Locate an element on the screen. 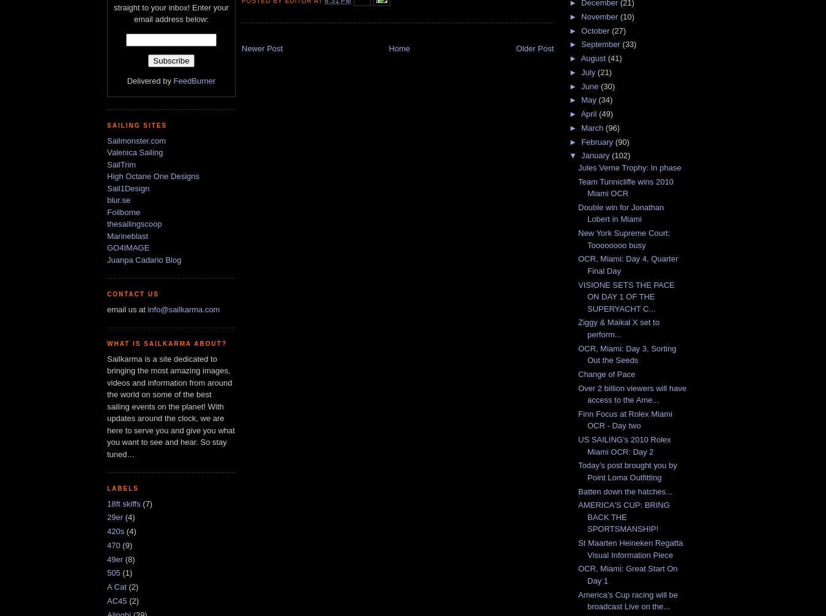 Image resolution: width=826 pixels, height=616 pixels. 'Today’s post brought you by Point Loma Outfitting' is located at coordinates (627, 471).